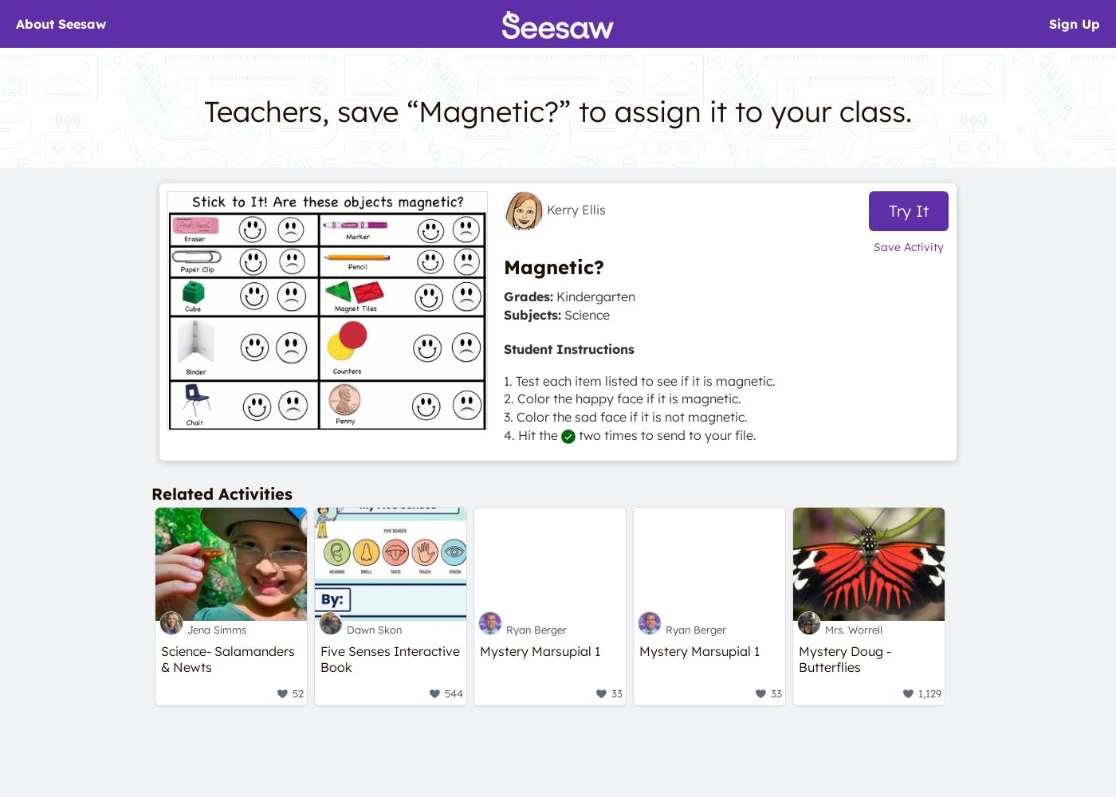  I want to click on 'Mrs. Worrell', so click(854, 629).